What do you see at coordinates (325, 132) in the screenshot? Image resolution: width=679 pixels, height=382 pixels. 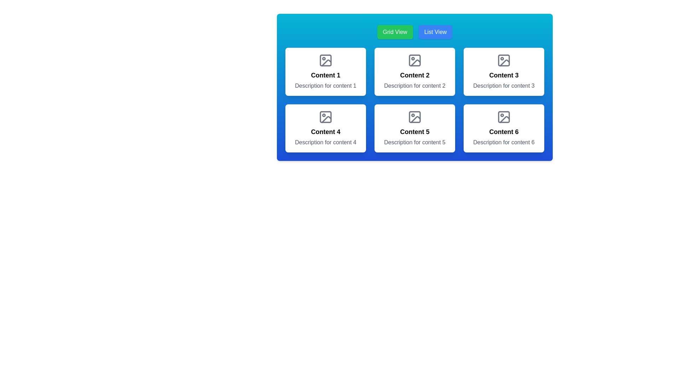 I see `text content of the Text label located in the bottom-left card of the 2x3 grid layout, positioned above the description text and below the image icon` at bounding box center [325, 132].